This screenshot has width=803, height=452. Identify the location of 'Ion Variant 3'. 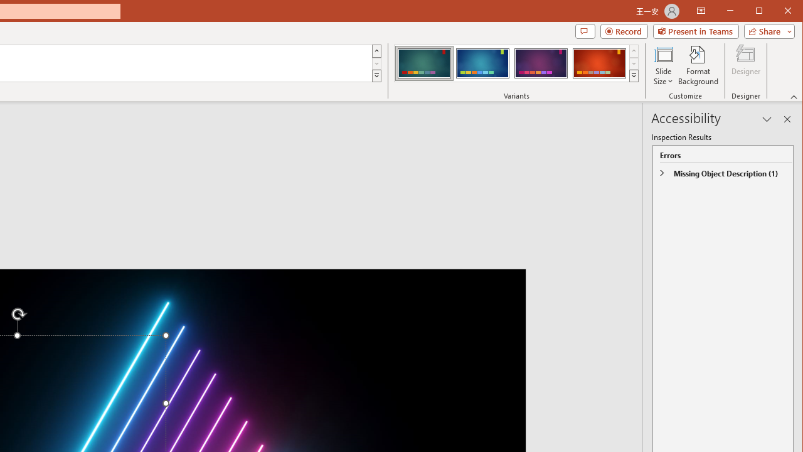
(541, 63).